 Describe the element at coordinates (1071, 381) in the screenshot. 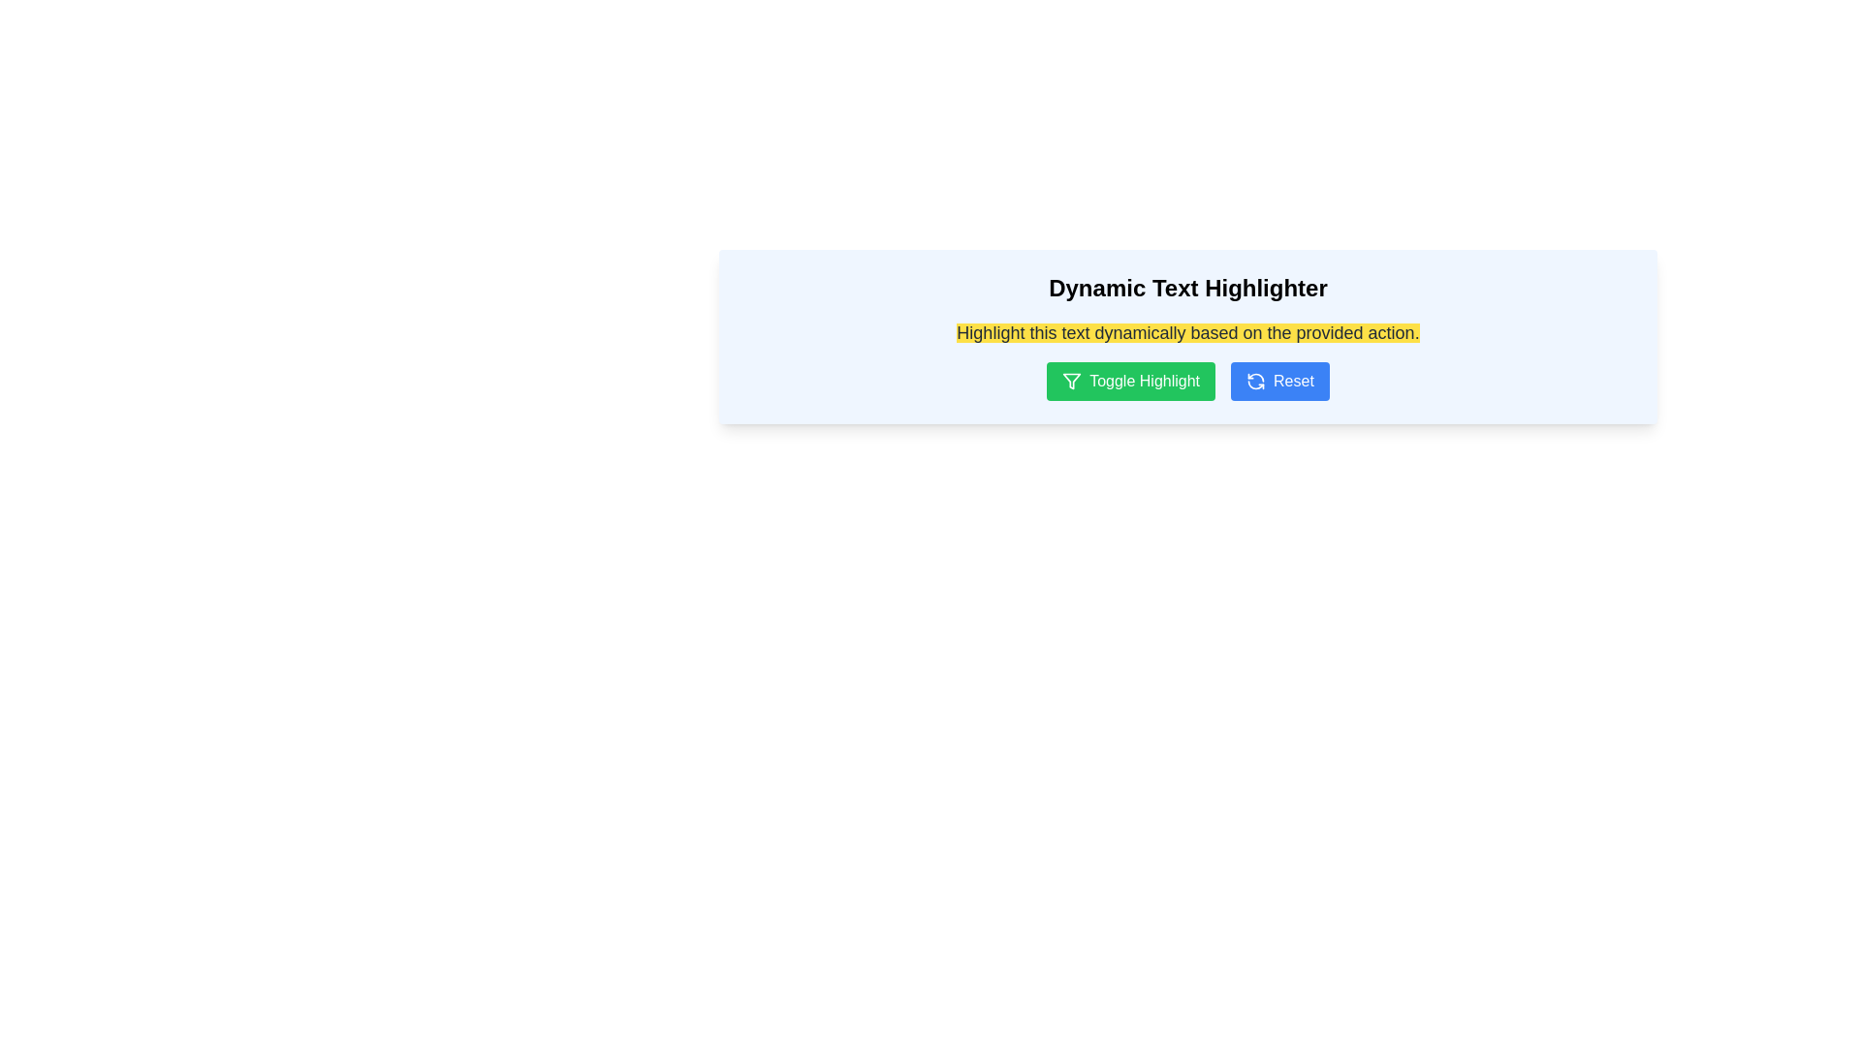

I see `the green button labeled 'Toggle Highlight' that contains the filter funnel icon on its left side` at that location.